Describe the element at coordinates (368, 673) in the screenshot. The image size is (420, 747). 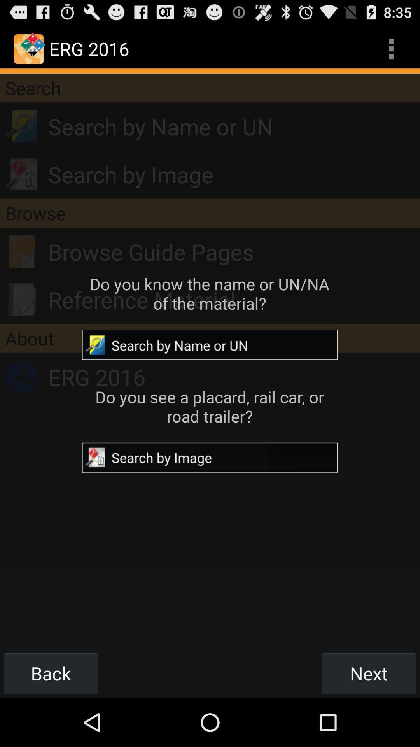
I see `icon at the bottom right corner` at that location.